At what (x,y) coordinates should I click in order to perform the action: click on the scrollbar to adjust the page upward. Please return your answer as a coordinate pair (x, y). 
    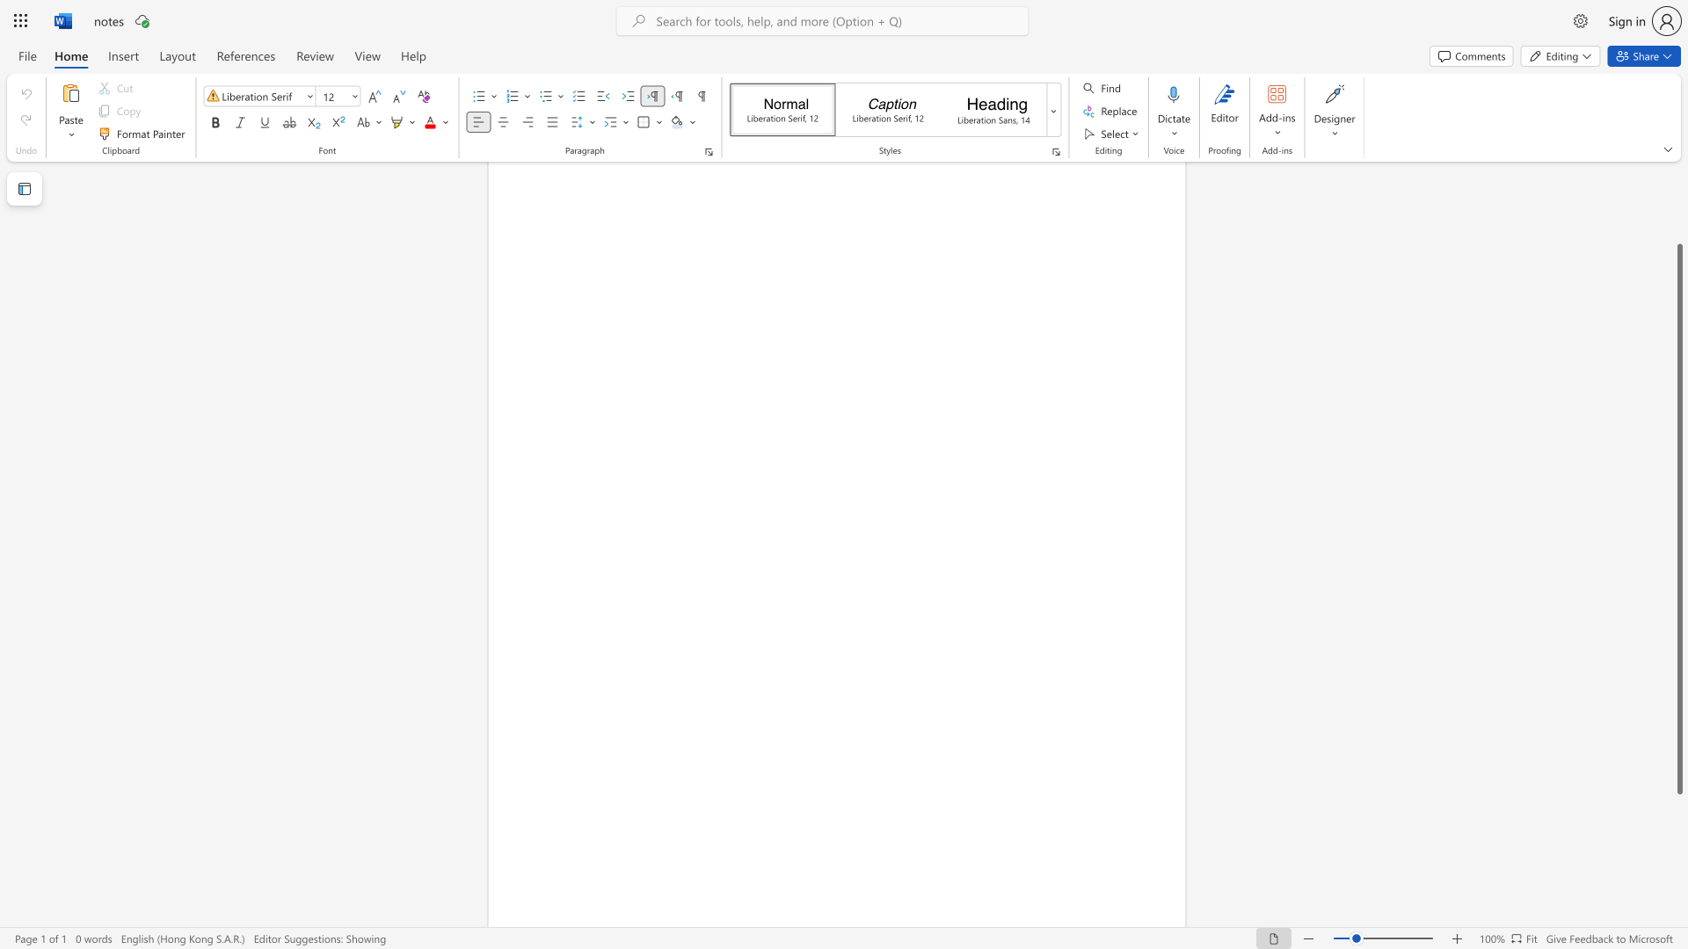
    Looking at the image, I should click on (1678, 219).